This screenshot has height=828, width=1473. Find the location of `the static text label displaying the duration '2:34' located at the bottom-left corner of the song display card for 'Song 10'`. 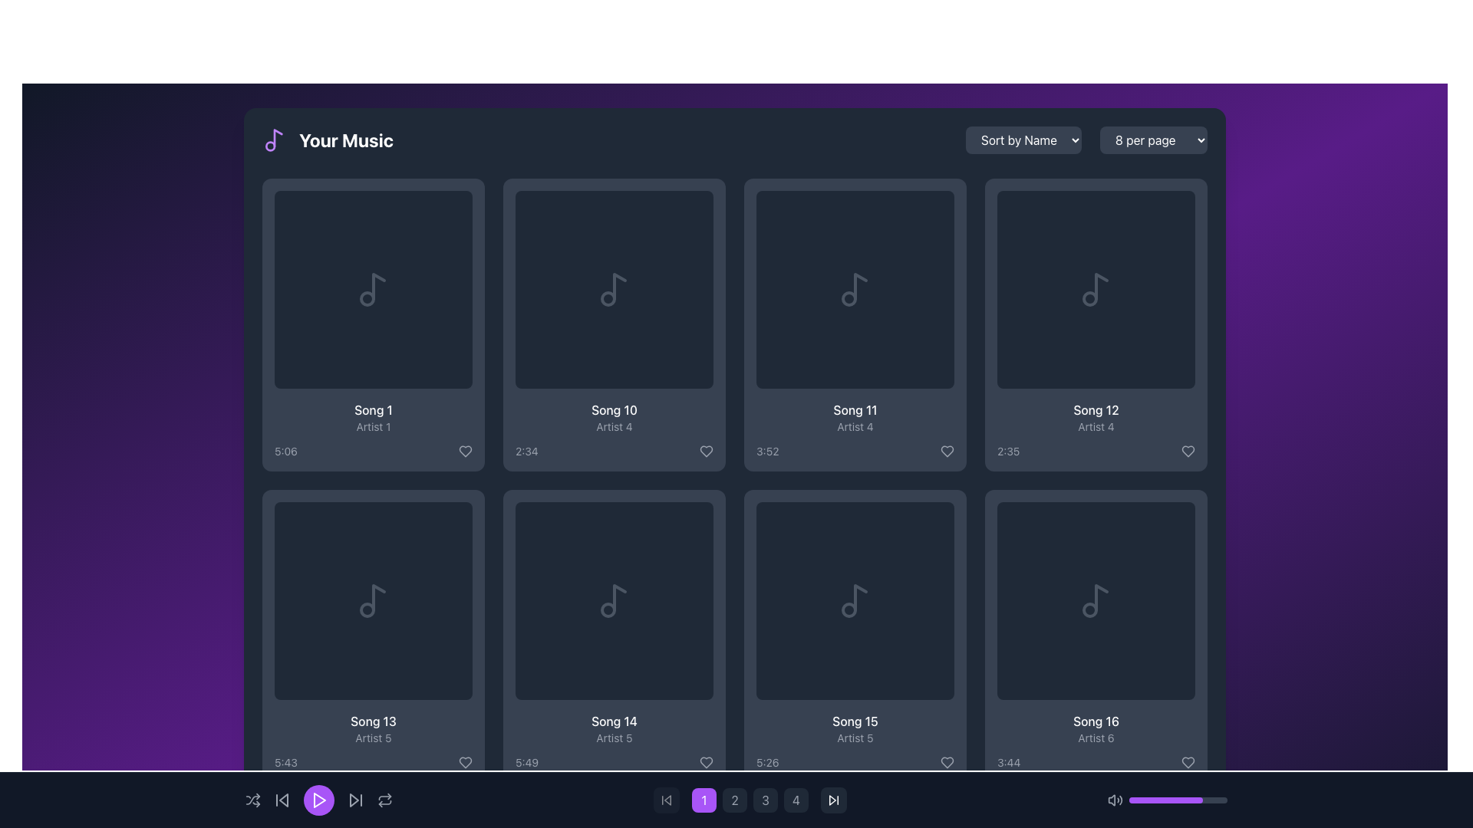

the static text label displaying the duration '2:34' located at the bottom-left corner of the song display card for 'Song 10' is located at coordinates (526, 451).